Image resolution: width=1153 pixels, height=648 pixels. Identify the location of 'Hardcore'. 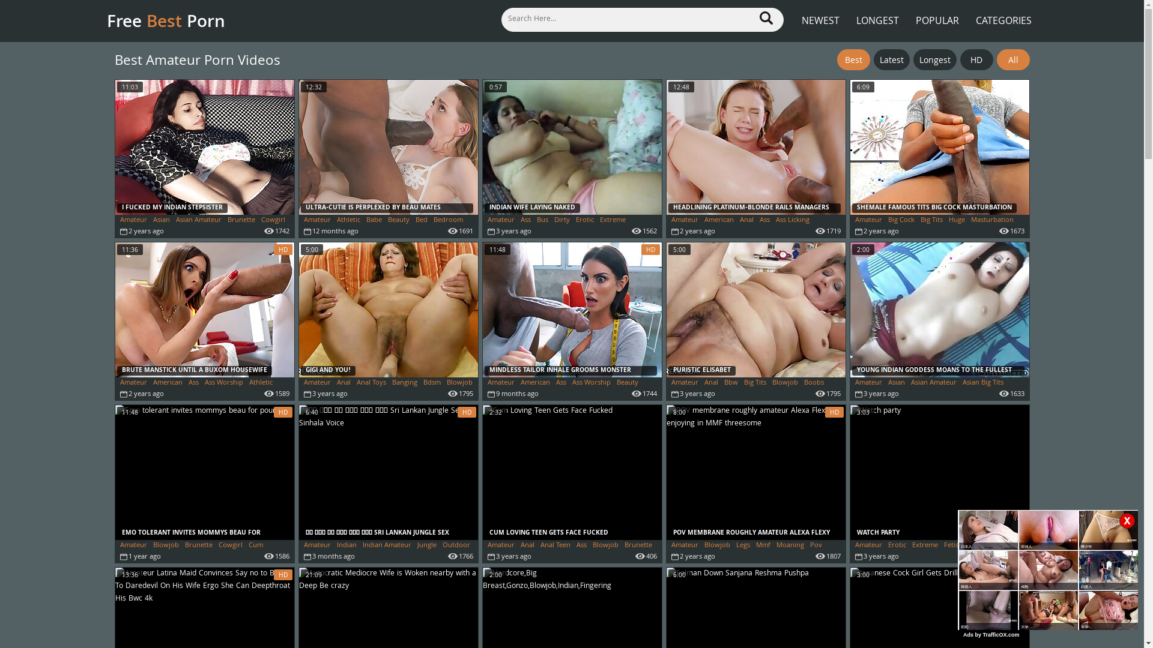
(135, 230).